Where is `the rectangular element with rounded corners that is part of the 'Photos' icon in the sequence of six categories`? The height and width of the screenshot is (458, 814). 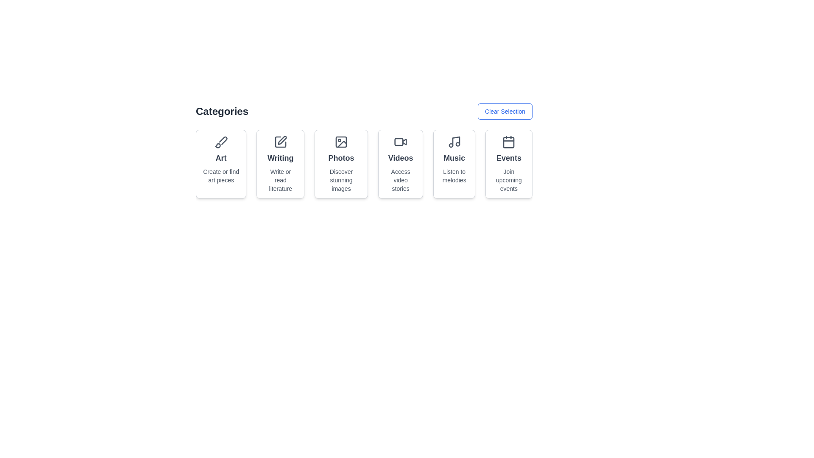 the rectangular element with rounded corners that is part of the 'Photos' icon in the sequence of six categories is located at coordinates (341, 142).